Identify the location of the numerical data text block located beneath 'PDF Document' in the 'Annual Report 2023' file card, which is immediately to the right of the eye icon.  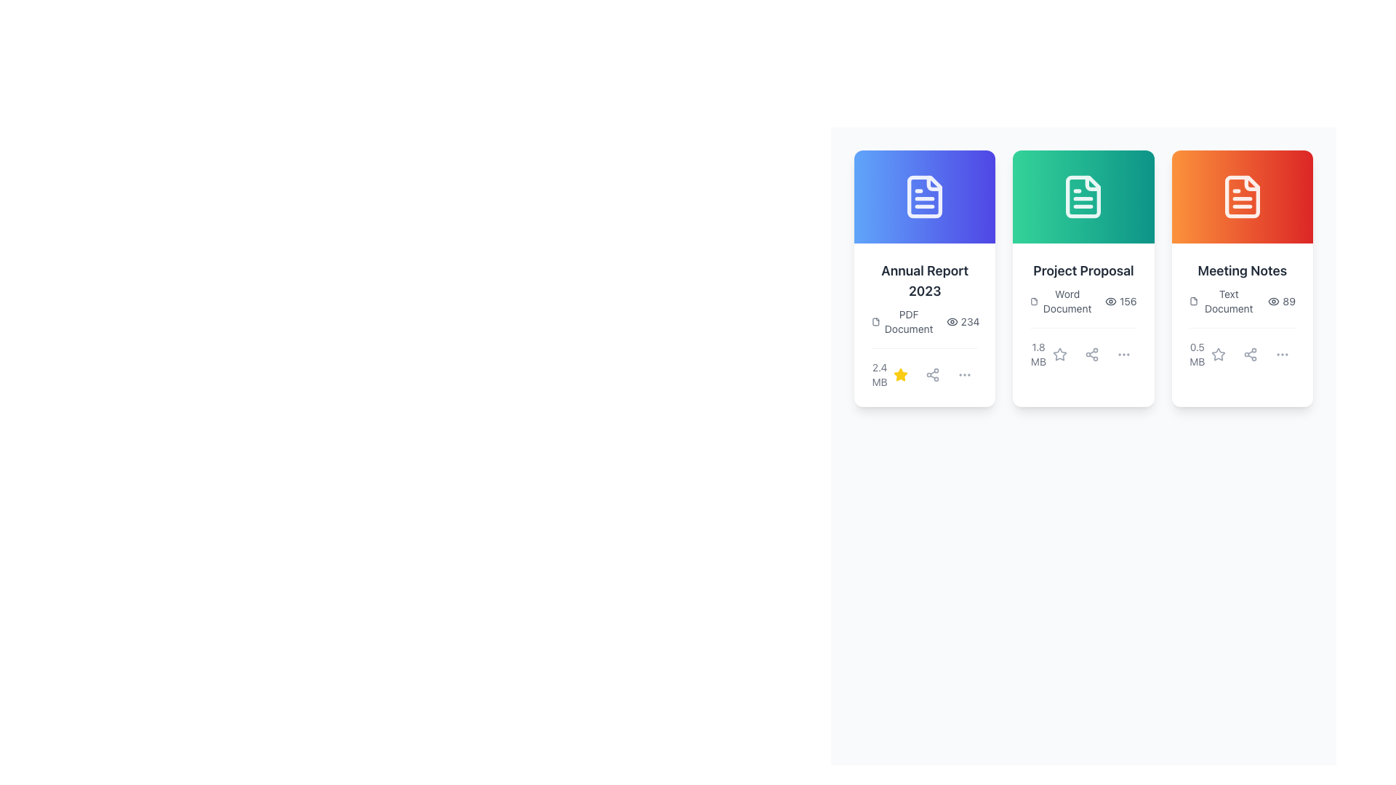
(963, 321).